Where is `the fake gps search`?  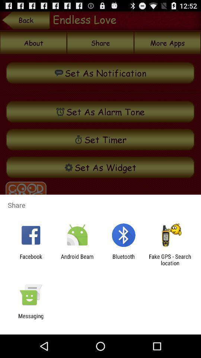
the fake gps search is located at coordinates (170, 260).